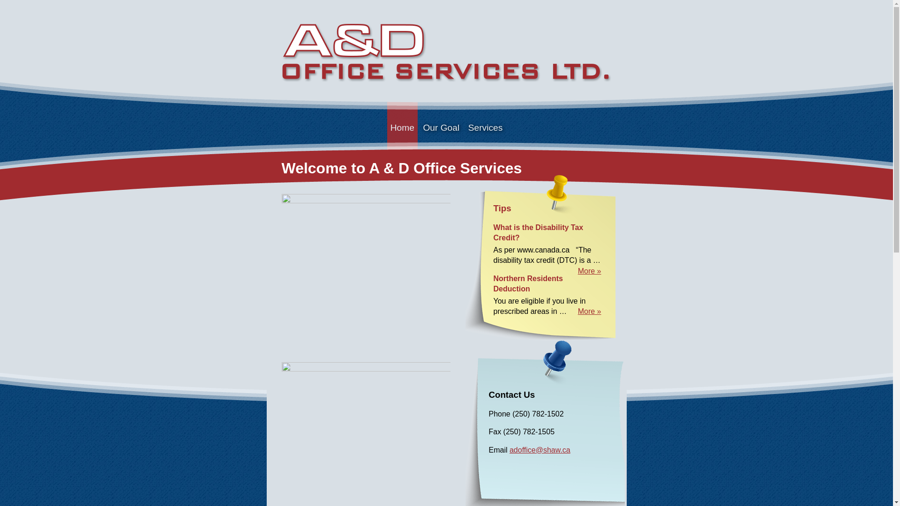 The image size is (900, 506). What do you see at coordinates (440, 128) in the screenshot?
I see `'Our Goal'` at bounding box center [440, 128].